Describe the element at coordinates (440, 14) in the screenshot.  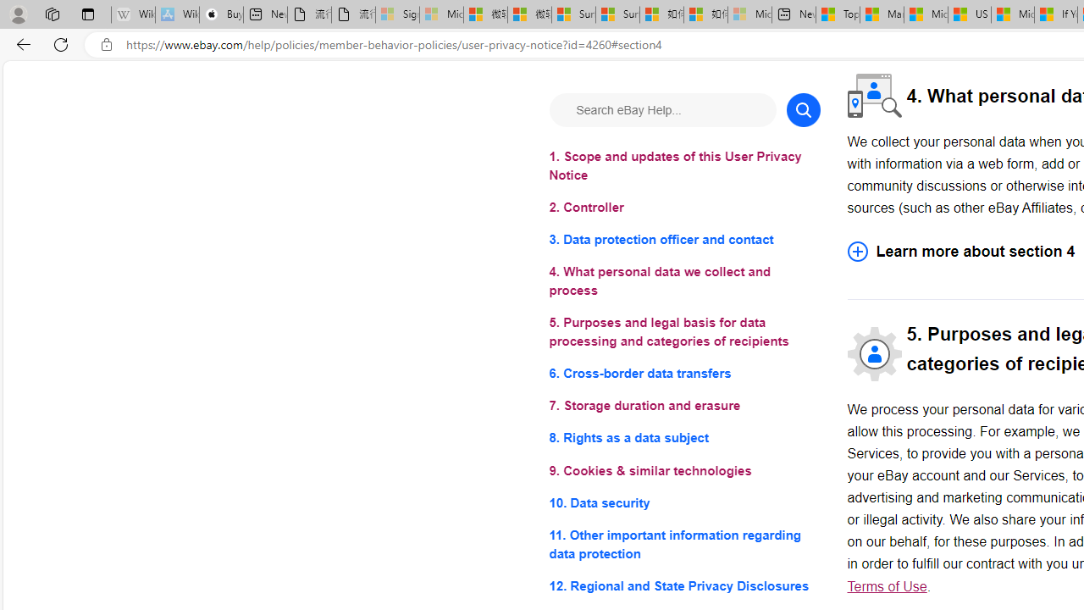
I see `'Microsoft Services Agreement - Sleeping'` at that location.